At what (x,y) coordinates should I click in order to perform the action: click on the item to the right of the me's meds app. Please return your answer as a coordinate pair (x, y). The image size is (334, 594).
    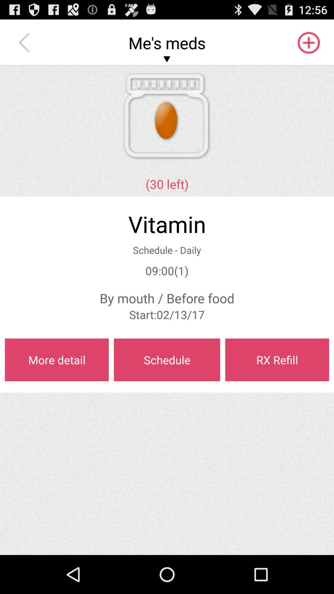
    Looking at the image, I should click on (308, 42).